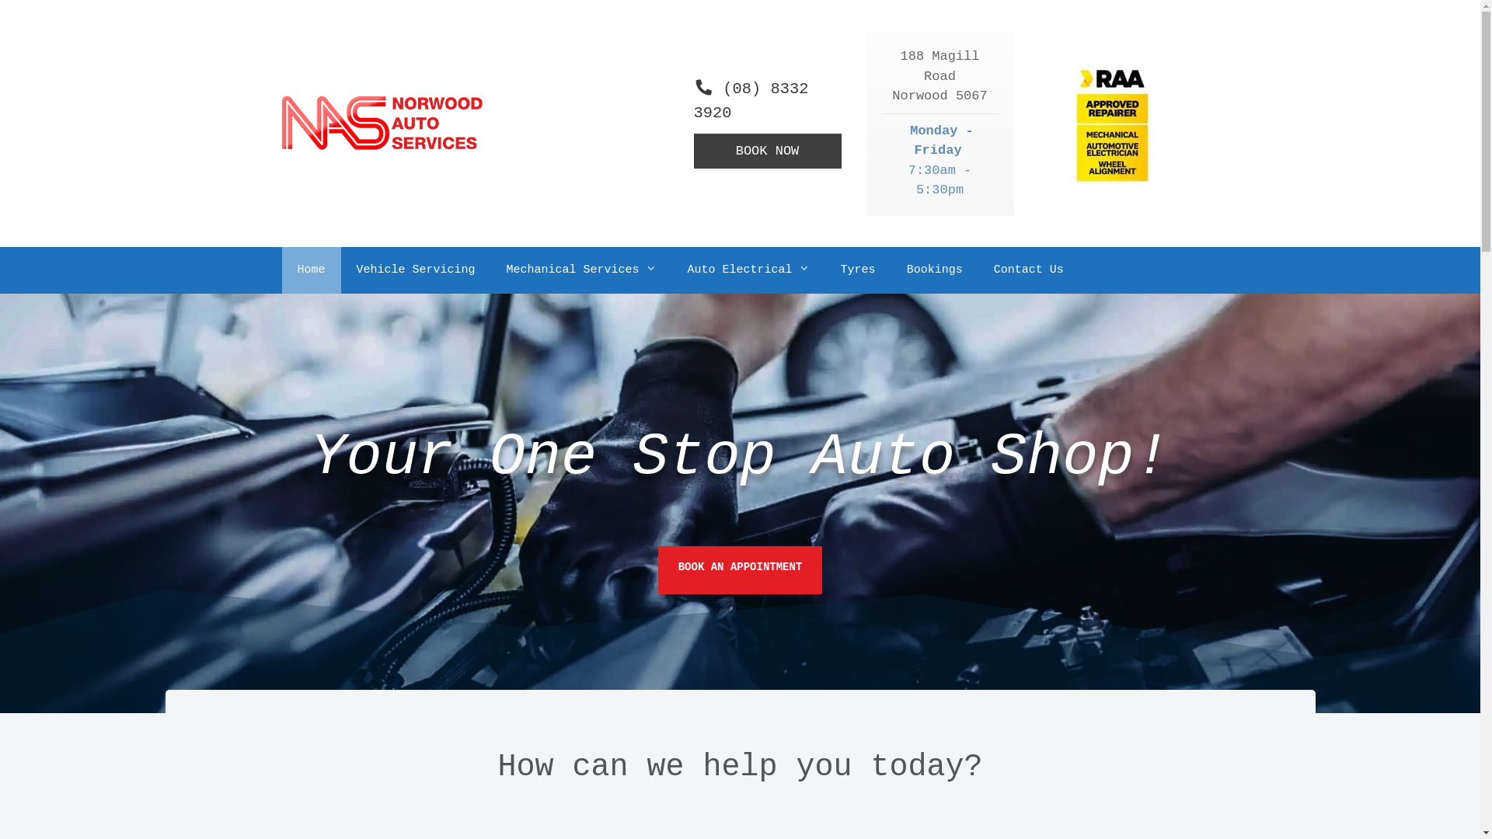 This screenshot has width=1492, height=839. Describe the element at coordinates (580, 269) in the screenshot. I see `'Mechanical Services'` at that location.